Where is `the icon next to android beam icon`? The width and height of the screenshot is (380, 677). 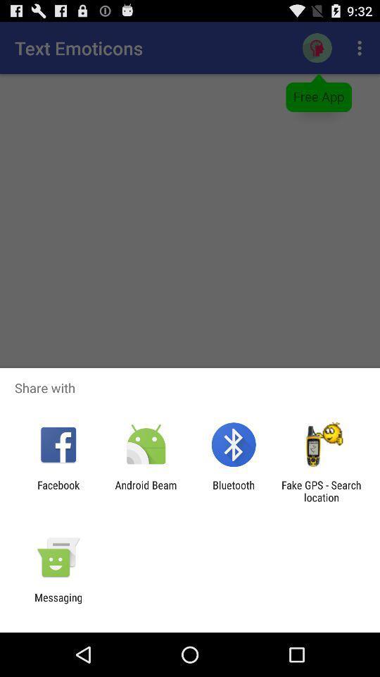
the icon next to android beam icon is located at coordinates (234, 491).